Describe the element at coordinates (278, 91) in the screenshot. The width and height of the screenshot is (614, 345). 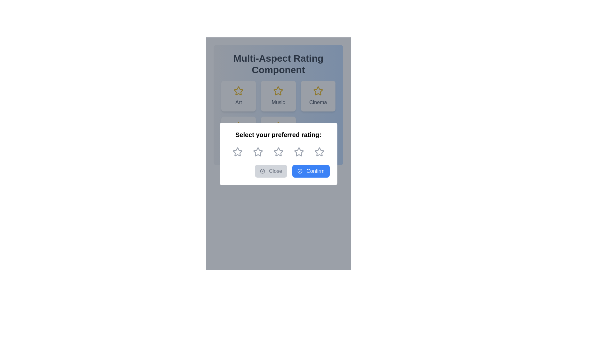
I see `the star icon located above the text 'Music' in the card labeled 'Music', which is part of a multi-aspect rating system` at that location.